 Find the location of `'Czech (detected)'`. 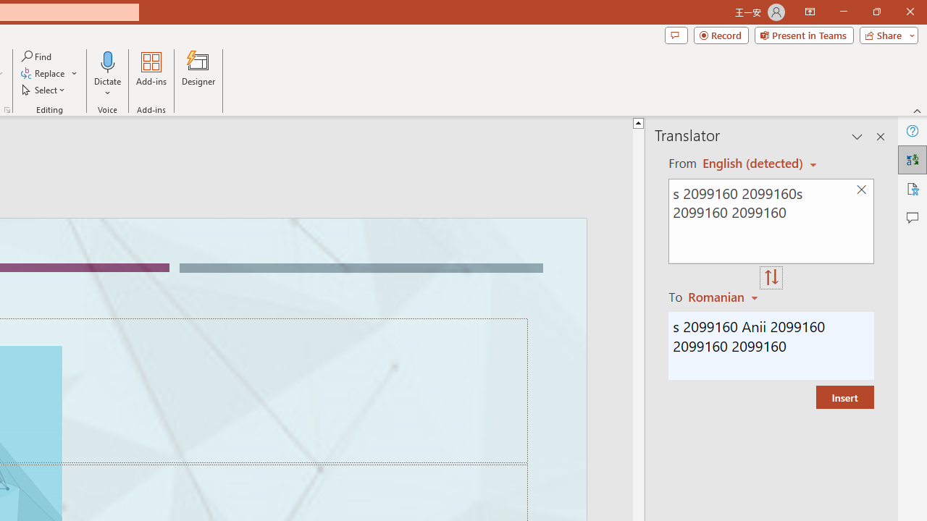

'Czech (detected)' is located at coordinates (753, 163).